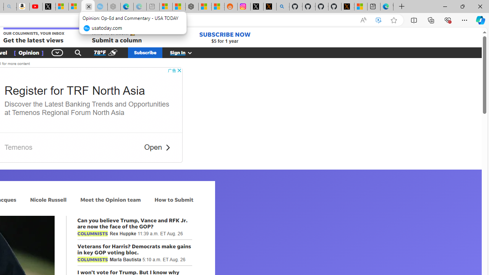 The height and width of the screenshot is (275, 489). Describe the element at coordinates (413, 19) in the screenshot. I see `'Split screen'` at that location.